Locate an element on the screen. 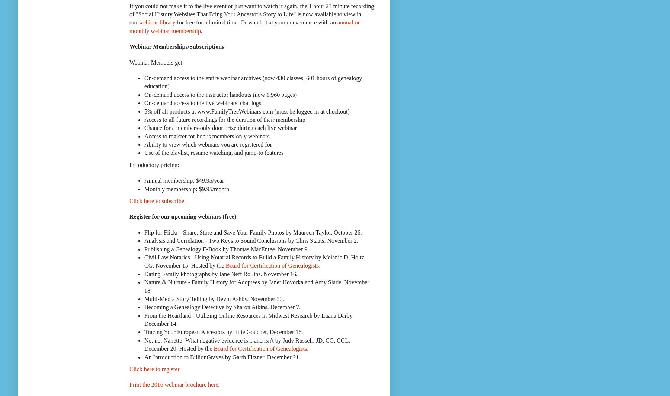  'Multi-Media Story Telling by Devin Ashby. November 30.' is located at coordinates (144, 298).